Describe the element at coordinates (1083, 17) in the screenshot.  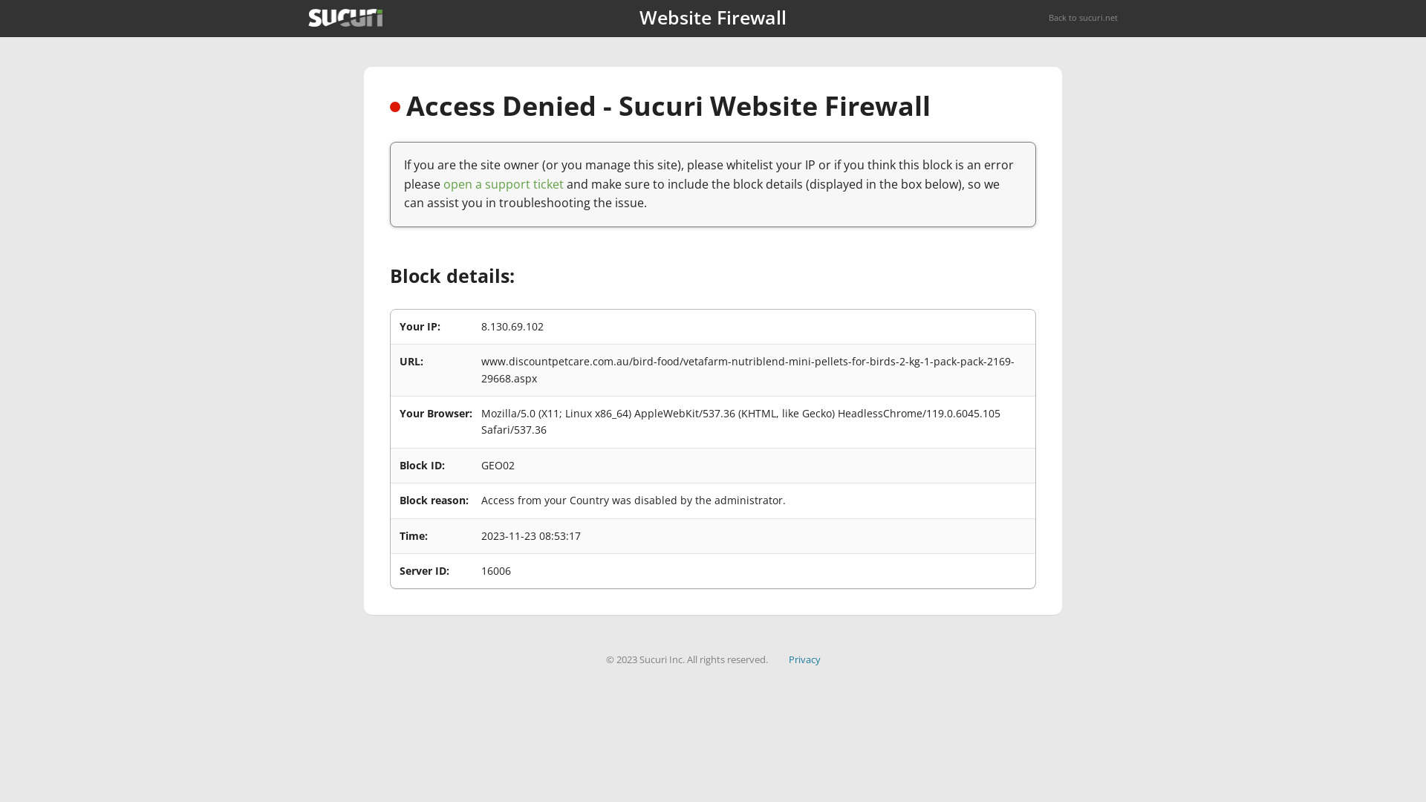
I see `'Back to sucuri.net'` at that location.